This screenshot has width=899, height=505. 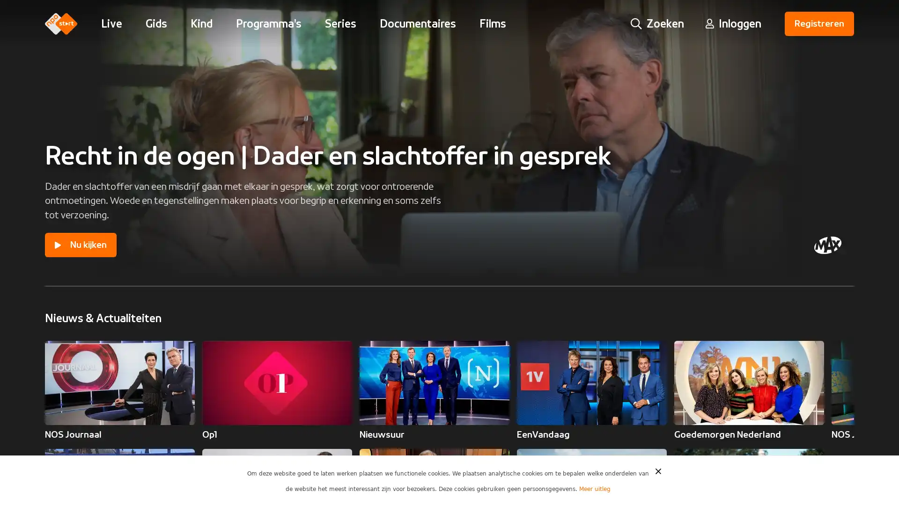 What do you see at coordinates (819, 23) in the screenshot?
I see `Registreren` at bounding box center [819, 23].